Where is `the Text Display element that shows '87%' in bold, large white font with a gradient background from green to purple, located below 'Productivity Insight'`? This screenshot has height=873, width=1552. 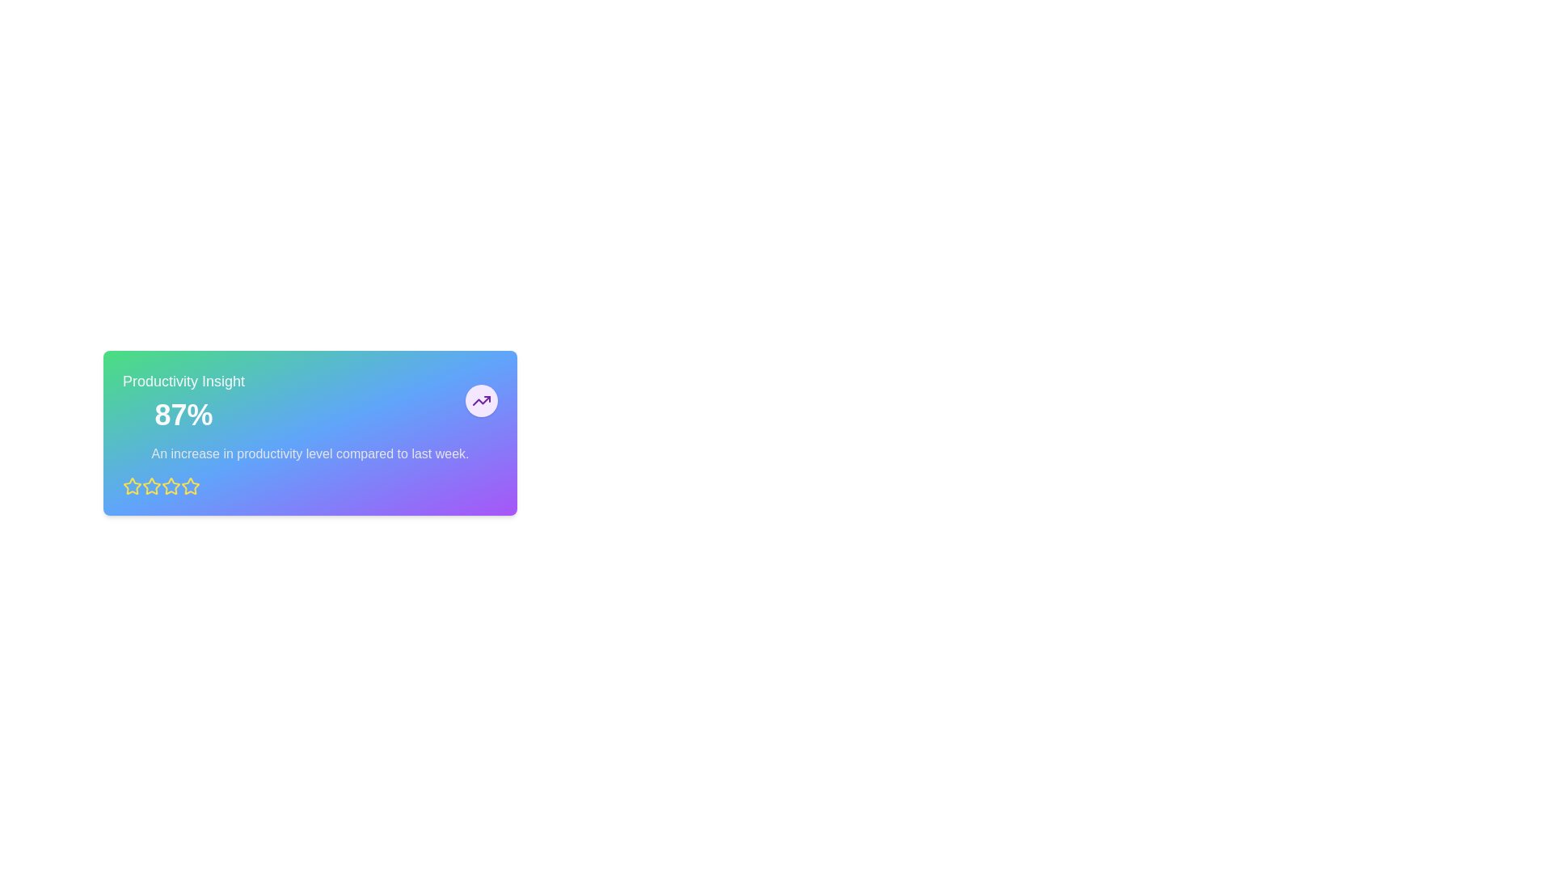
the Text Display element that shows '87%' in bold, large white font with a gradient background from green to purple, located below 'Productivity Insight' is located at coordinates (183, 414).